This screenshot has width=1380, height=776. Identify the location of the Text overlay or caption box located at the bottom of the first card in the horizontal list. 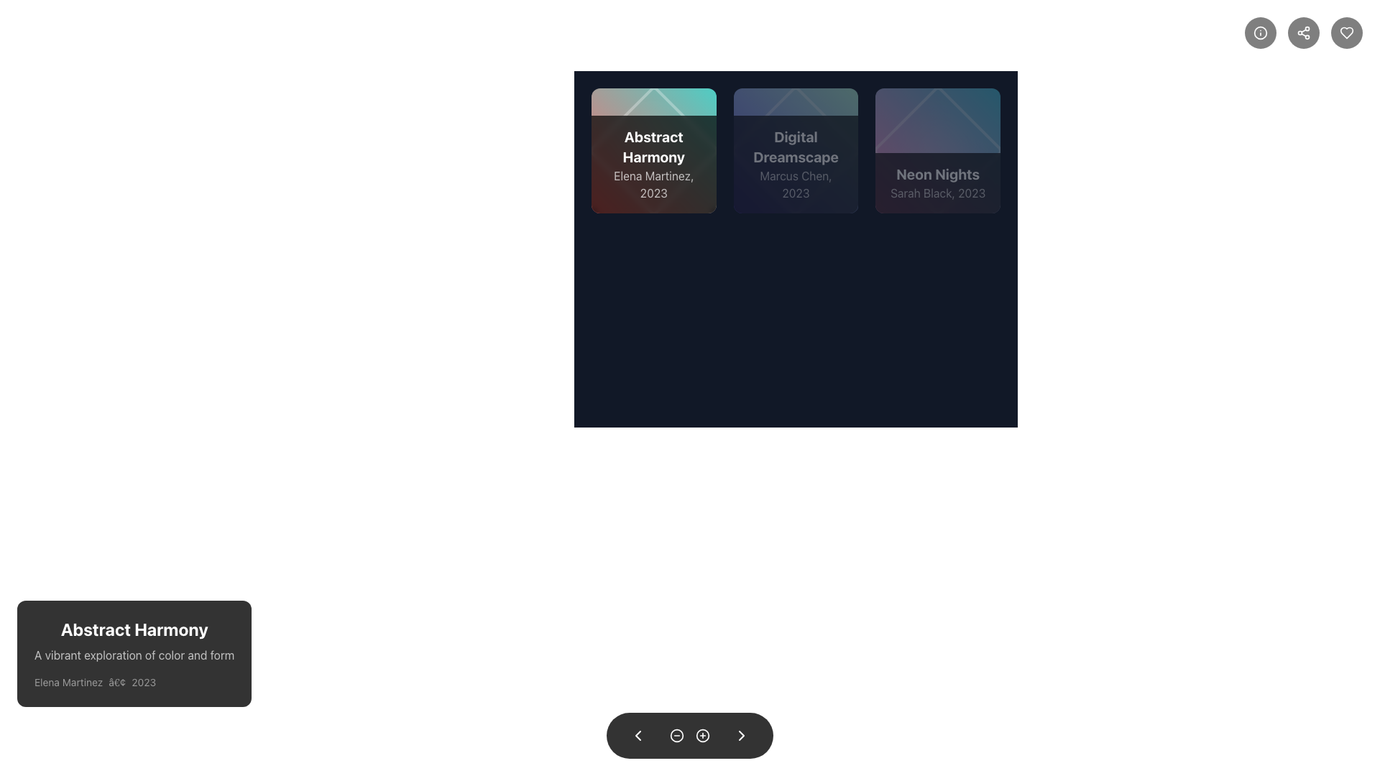
(653, 163).